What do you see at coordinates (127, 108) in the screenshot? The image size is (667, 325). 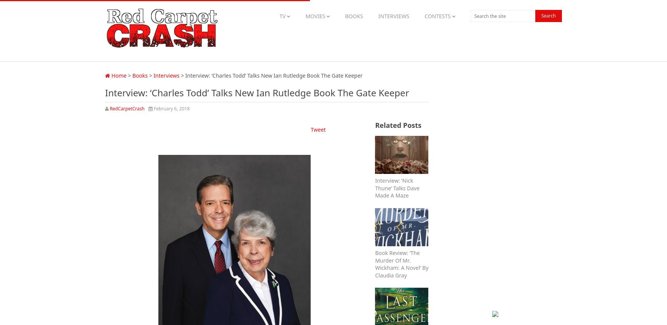 I see `'RedCarpetCrash'` at bounding box center [127, 108].